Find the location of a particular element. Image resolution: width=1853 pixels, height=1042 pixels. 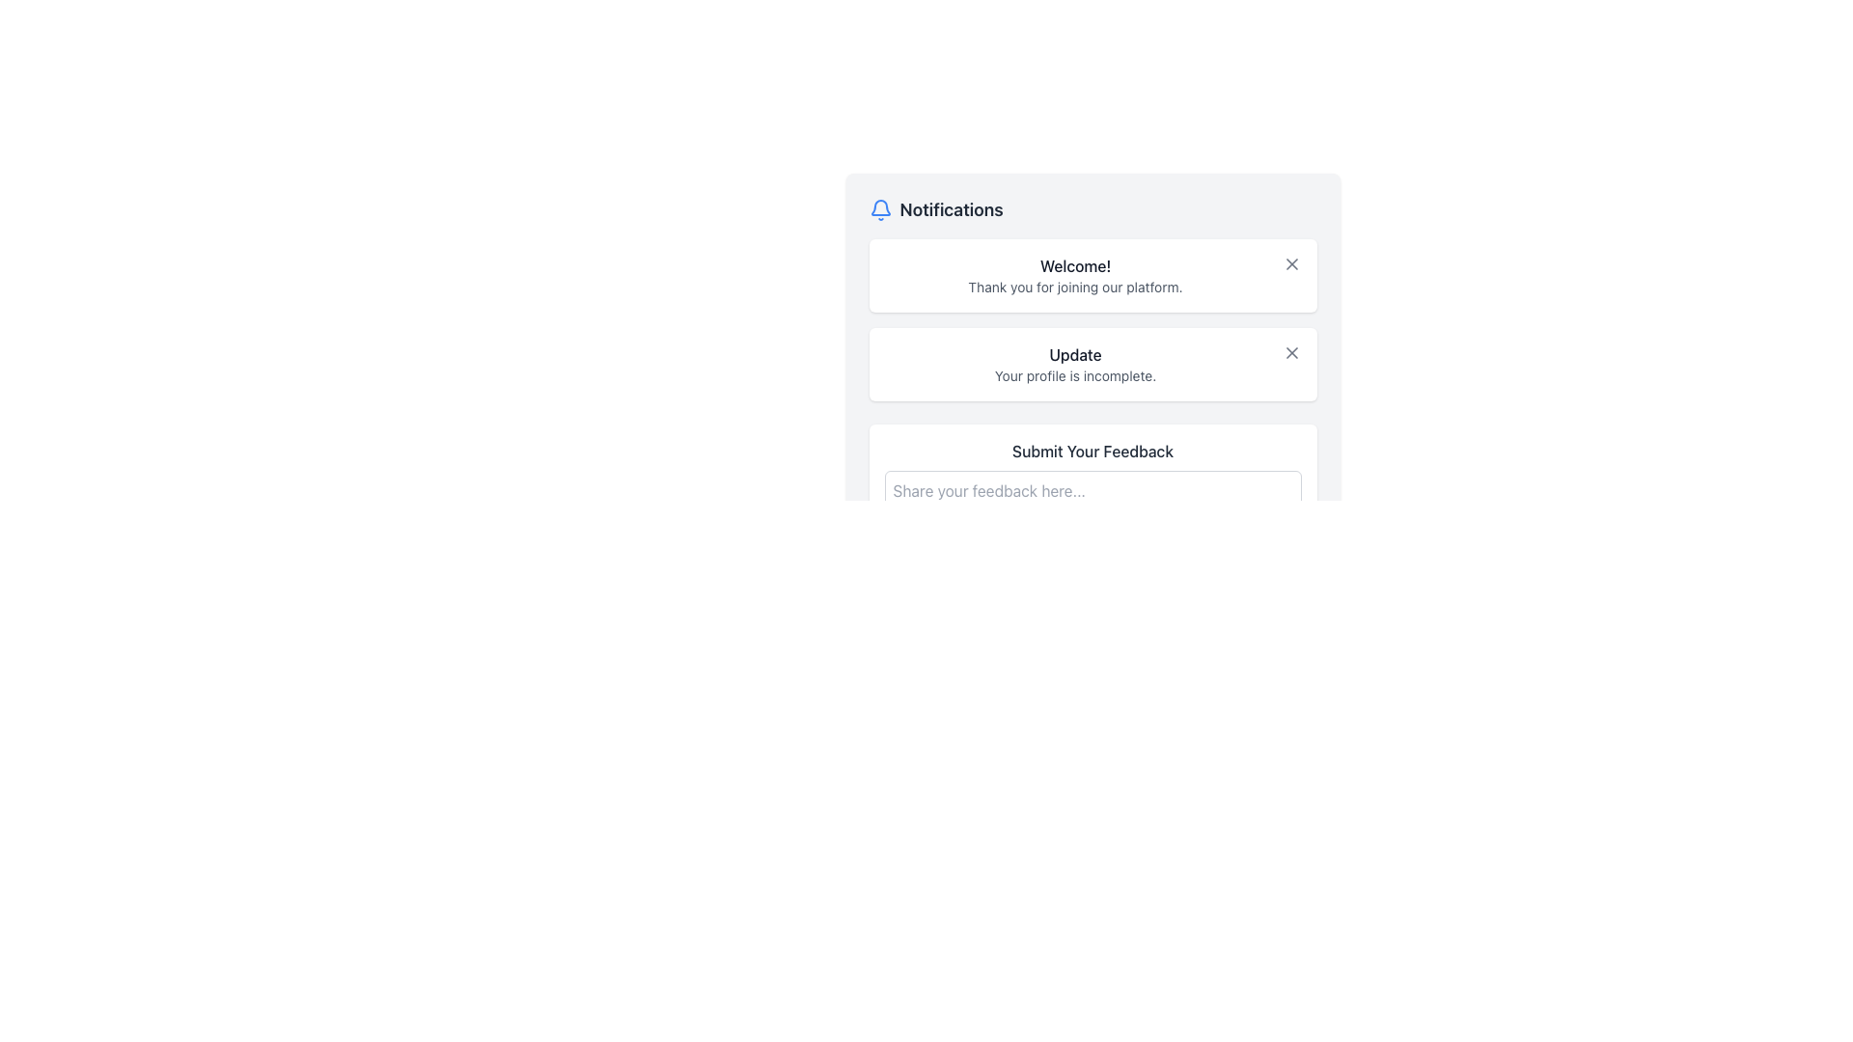

the Close (Dismiss) Button located at the top-right corner of the 'Welcome!' notification card is located at coordinates (1291, 263).